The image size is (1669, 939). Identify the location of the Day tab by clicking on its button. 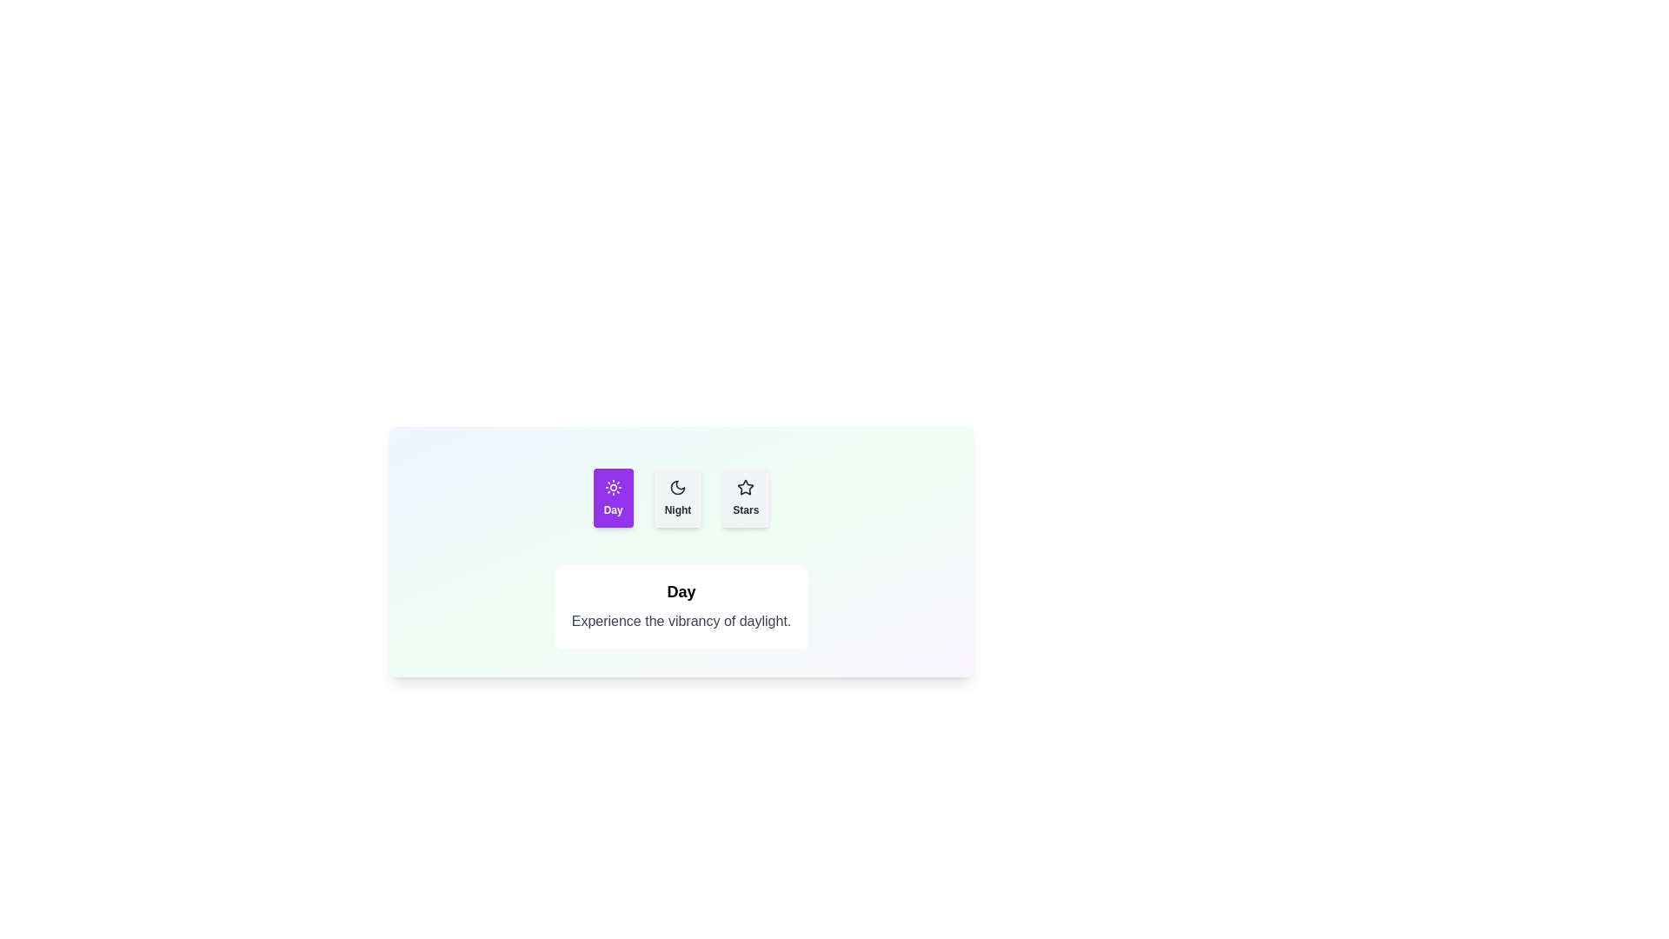
(613, 498).